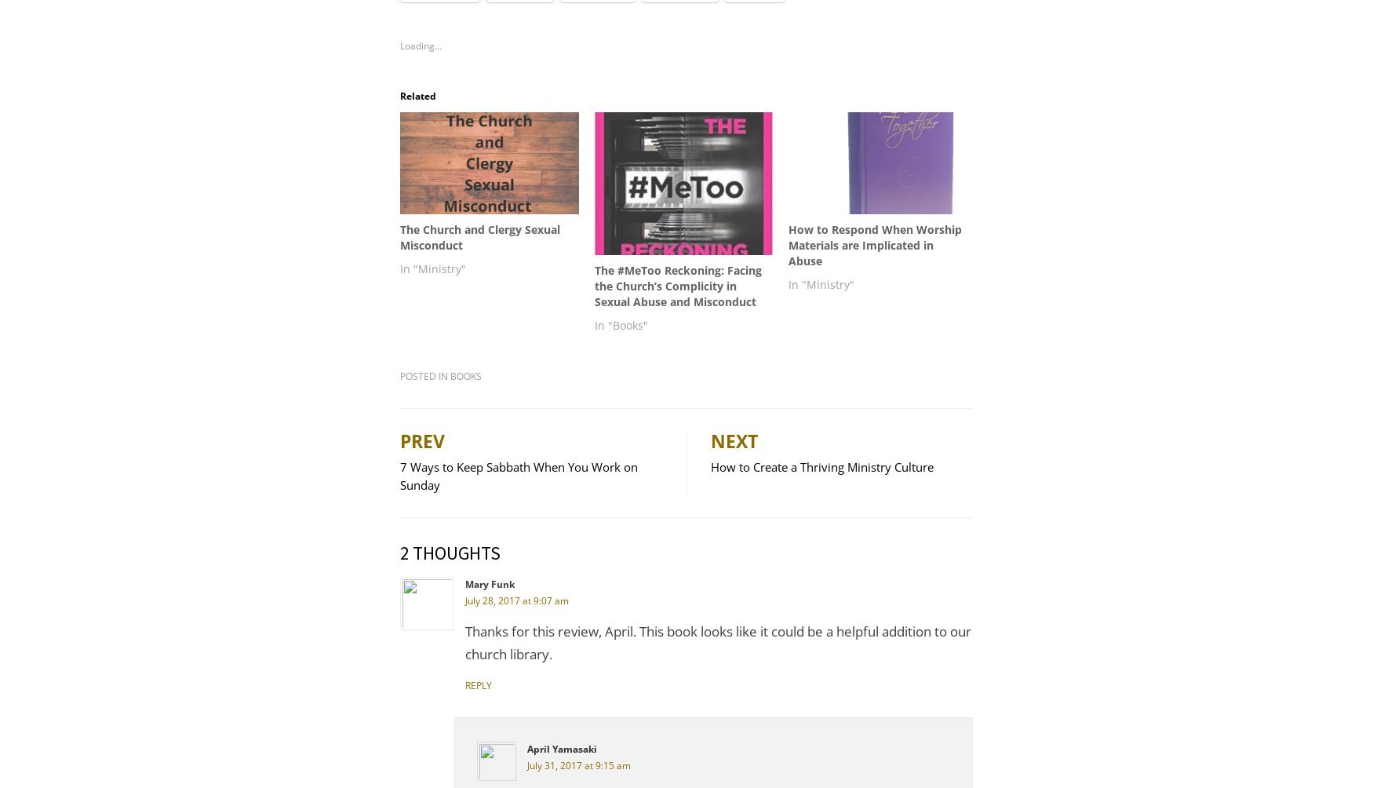 The width and height of the screenshot is (1373, 788). What do you see at coordinates (424, 374) in the screenshot?
I see `'Posted in'` at bounding box center [424, 374].